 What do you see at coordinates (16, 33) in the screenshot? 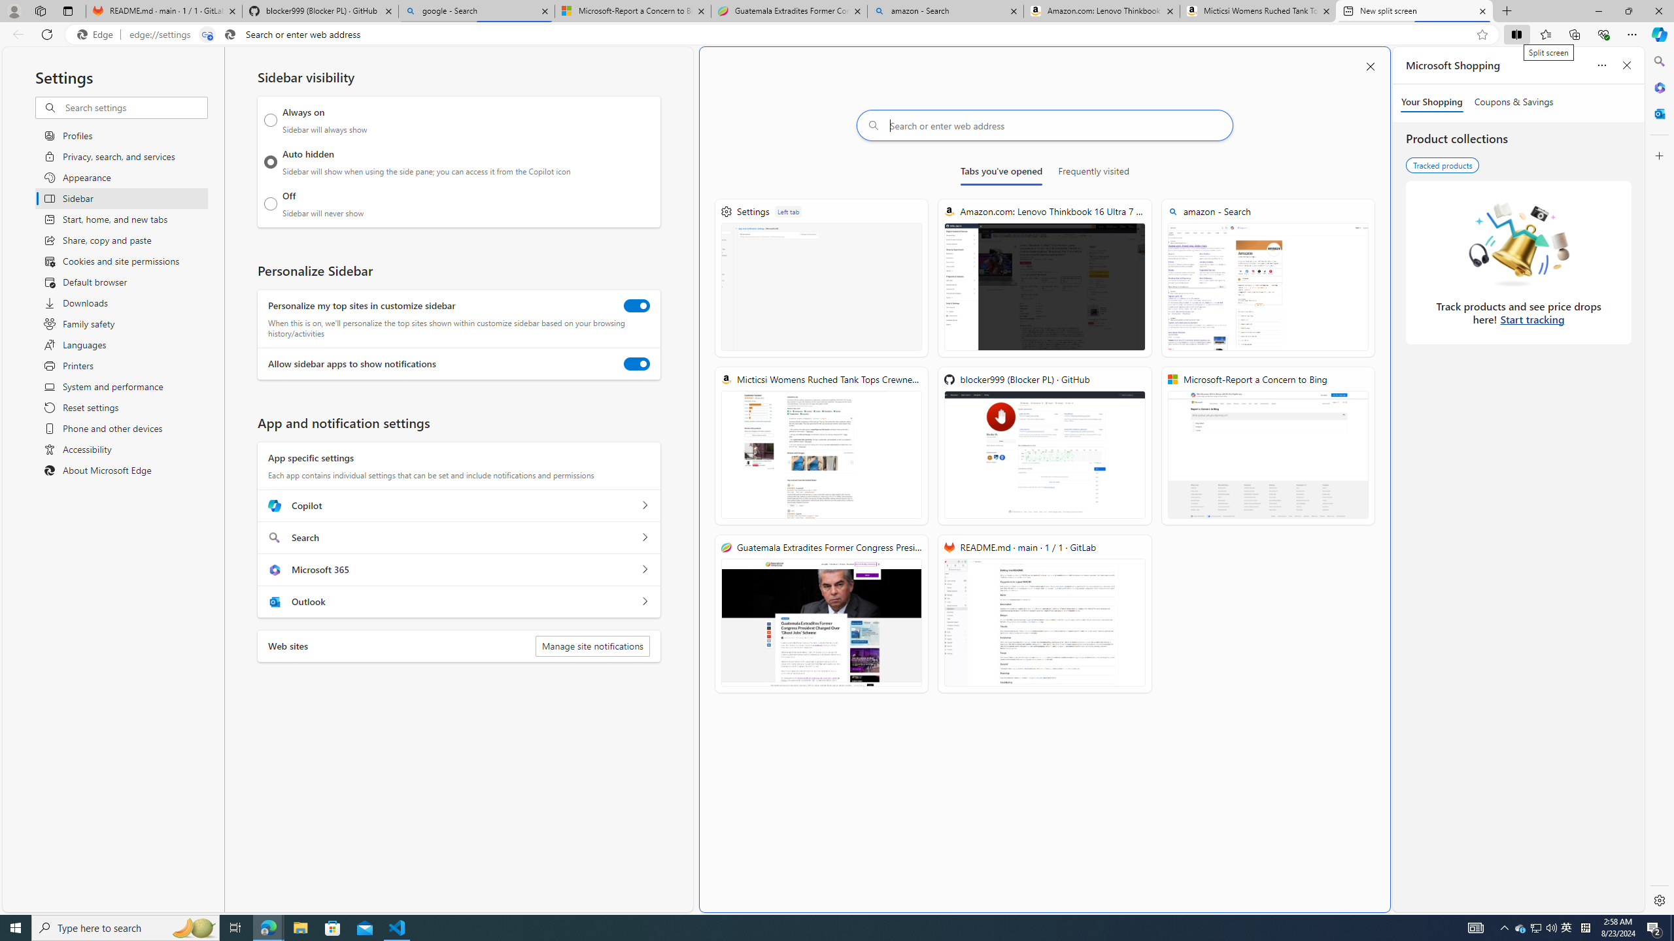
I see `'Back'` at bounding box center [16, 33].